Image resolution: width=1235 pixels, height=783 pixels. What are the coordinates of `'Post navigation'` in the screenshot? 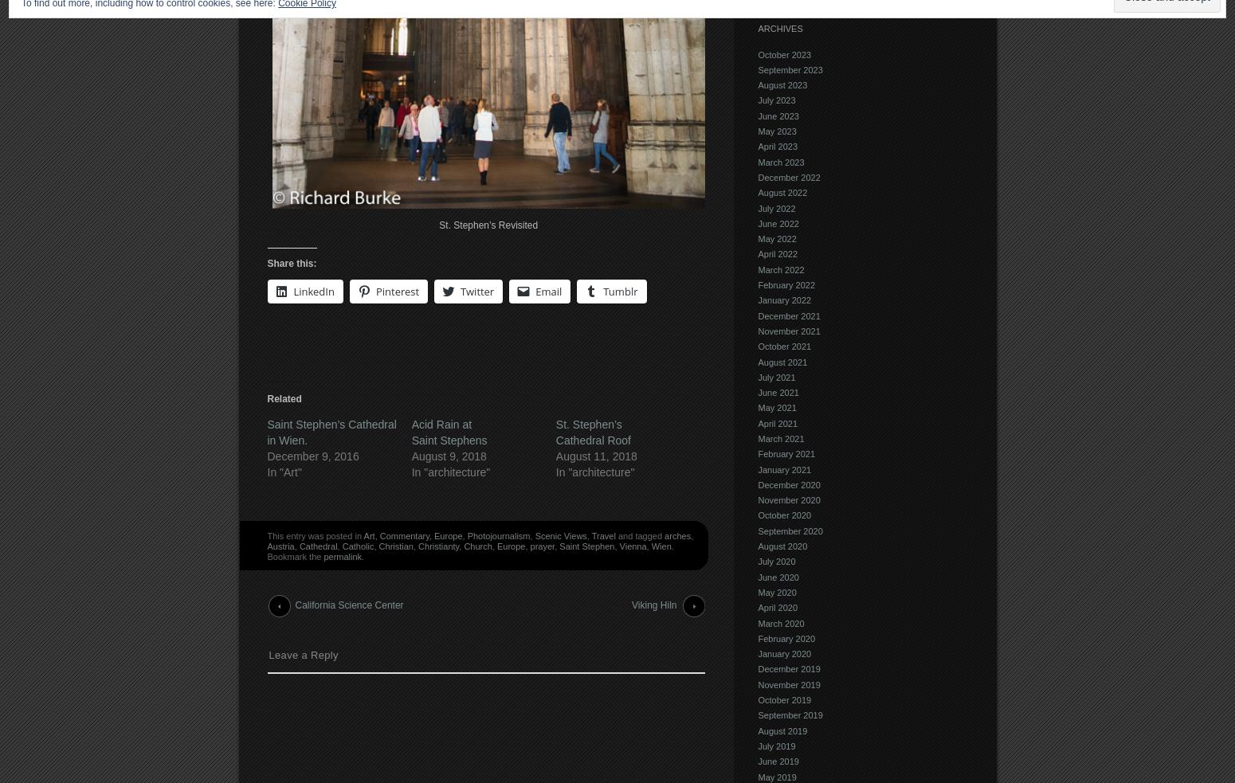 It's located at (316, 599).